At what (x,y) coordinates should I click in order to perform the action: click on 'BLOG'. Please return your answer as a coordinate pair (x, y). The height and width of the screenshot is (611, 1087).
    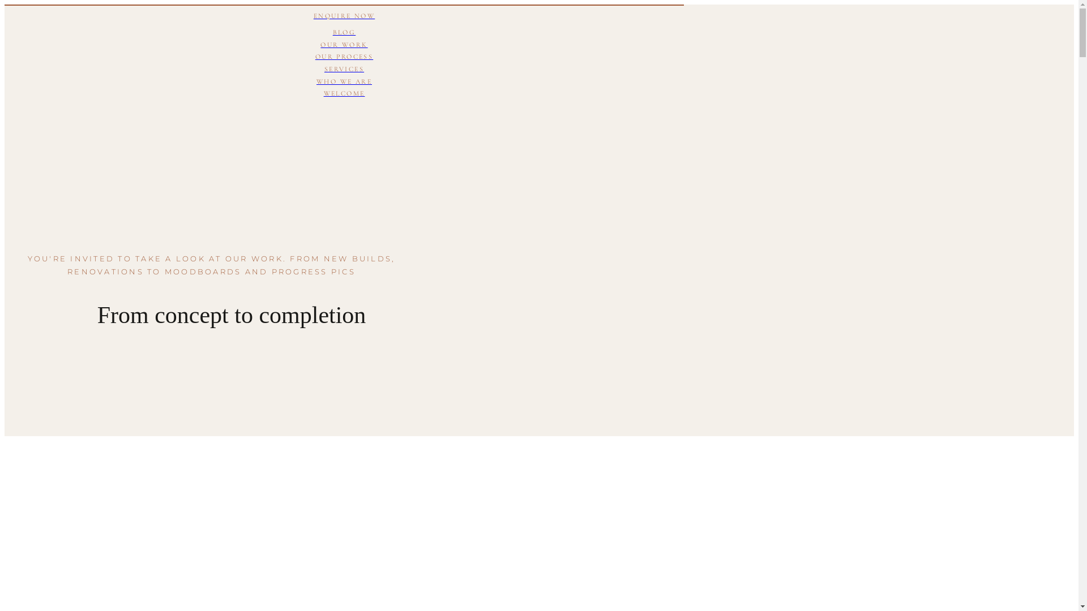
    Looking at the image, I should click on (344, 32).